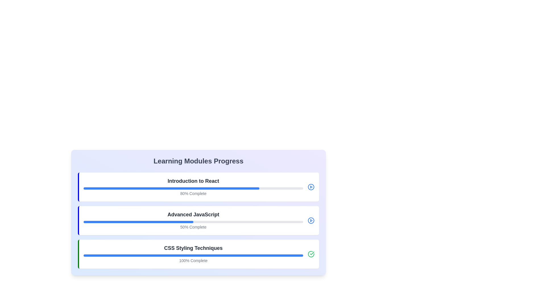 The height and width of the screenshot is (307, 546). Describe the element at coordinates (198, 161) in the screenshot. I see `the header labeled 'Learning Modules Progress', which is displayed in bold, large gray font at the top of its gradient background card` at that location.